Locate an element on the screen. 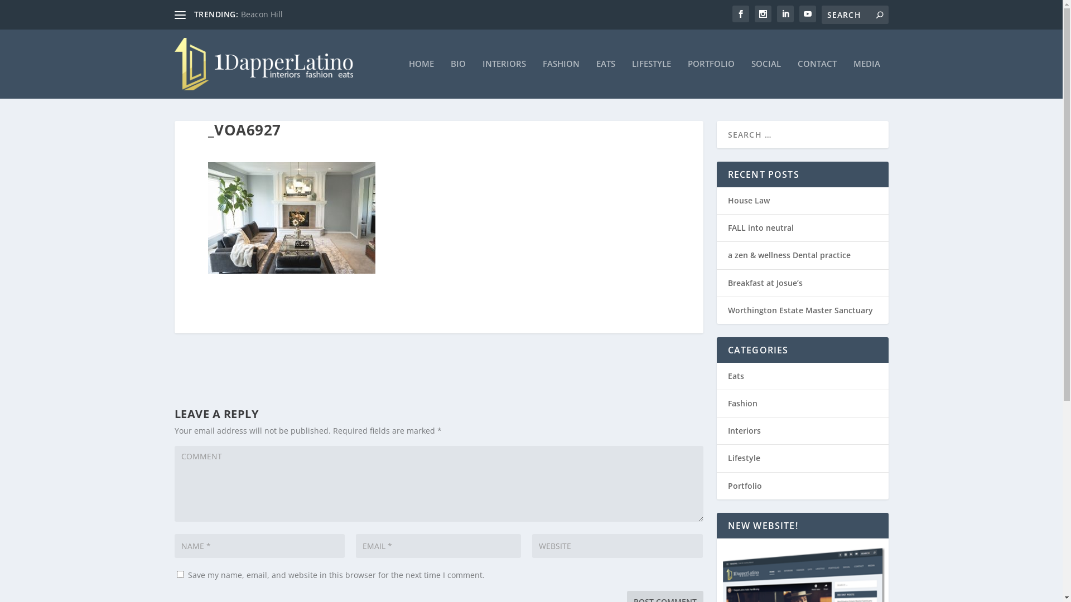 The height and width of the screenshot is (602, 1071). 'Eats' is located at coordinates (735, 376).